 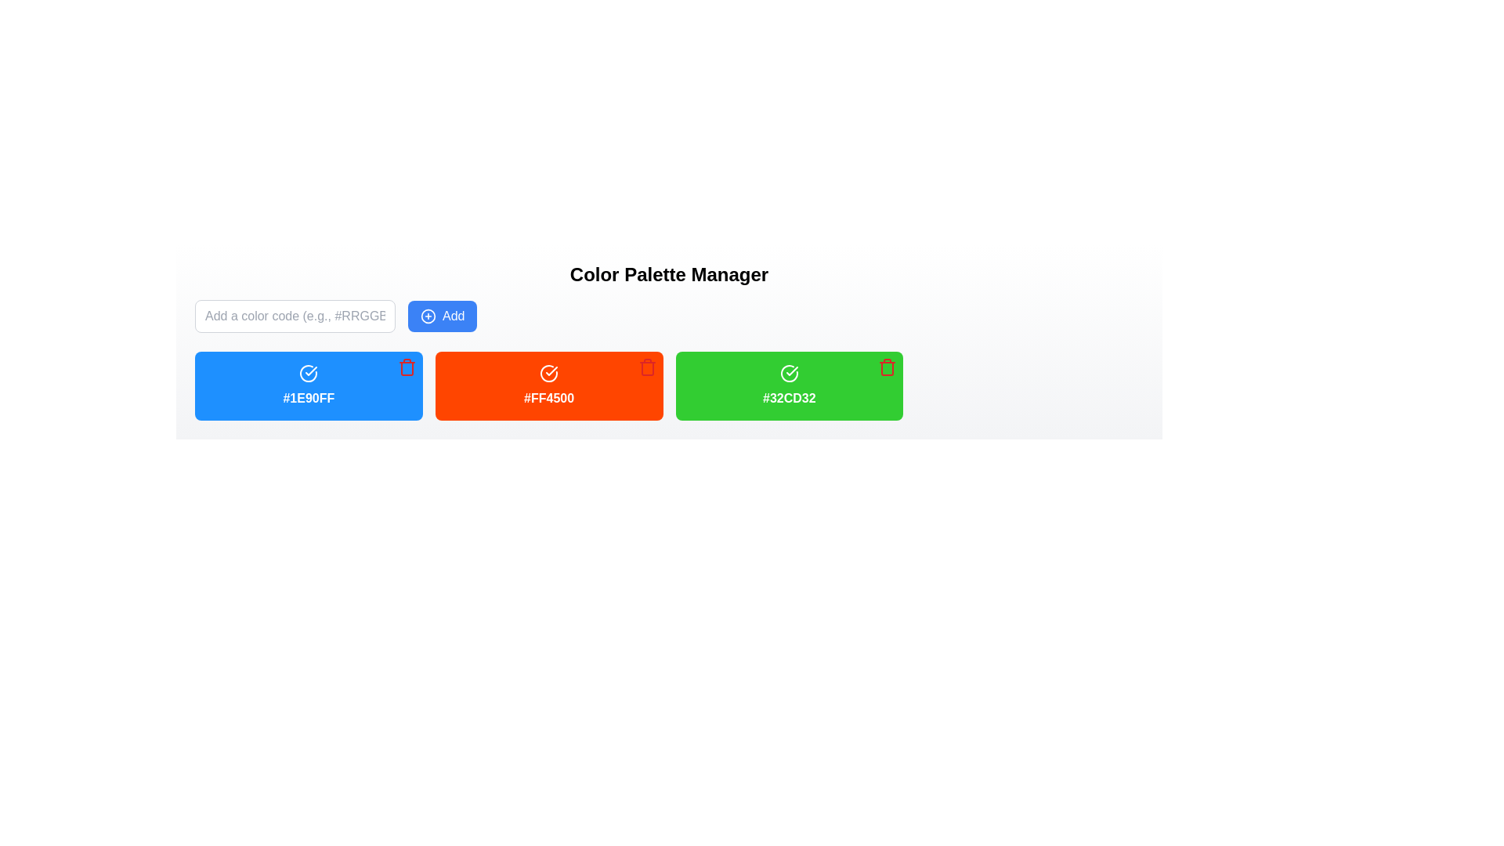 I want to click on the central part of the trash can icon, which symbolizes the delete functionality, located within the delete button next to the blue palette labeled '#1E90FF', so click(x=407, y=368).